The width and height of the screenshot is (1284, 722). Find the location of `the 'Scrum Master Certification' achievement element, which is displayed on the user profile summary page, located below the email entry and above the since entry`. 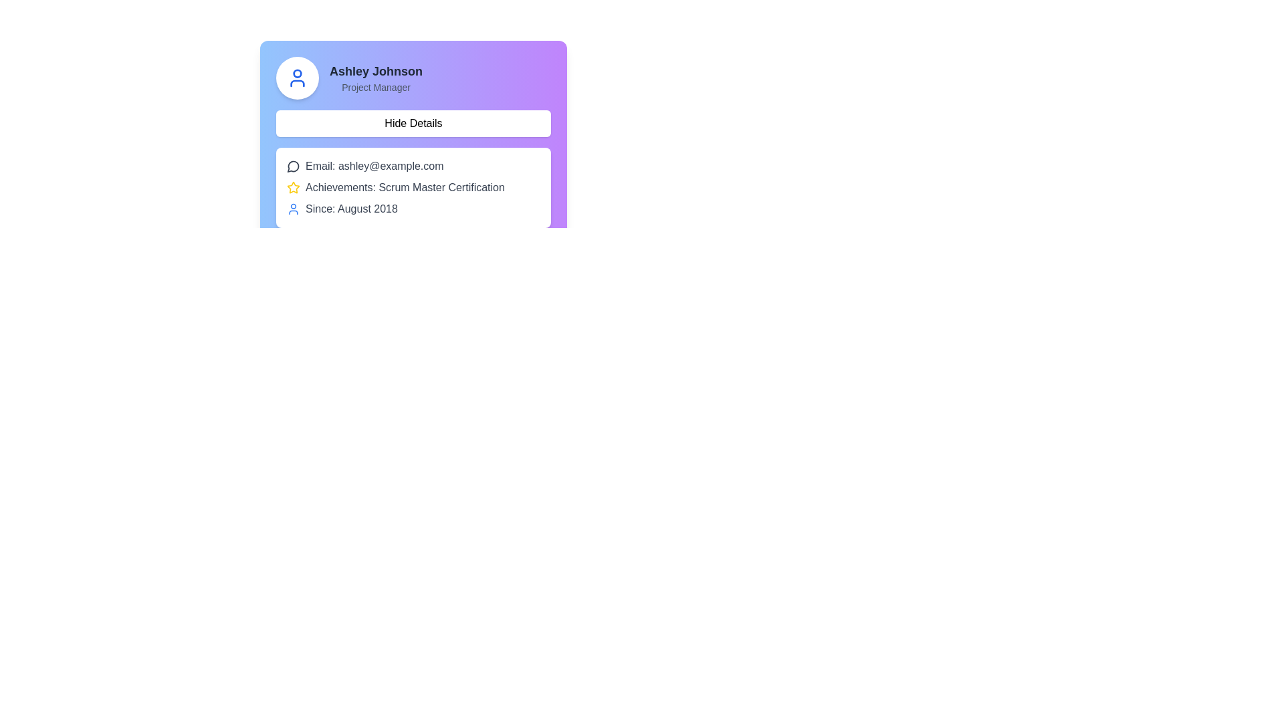

the 'Scrum Master Certification' achievement element, which is displayed on the user profile summary page, located below the email entry and above the since entry is located at coordinates (413, 188).